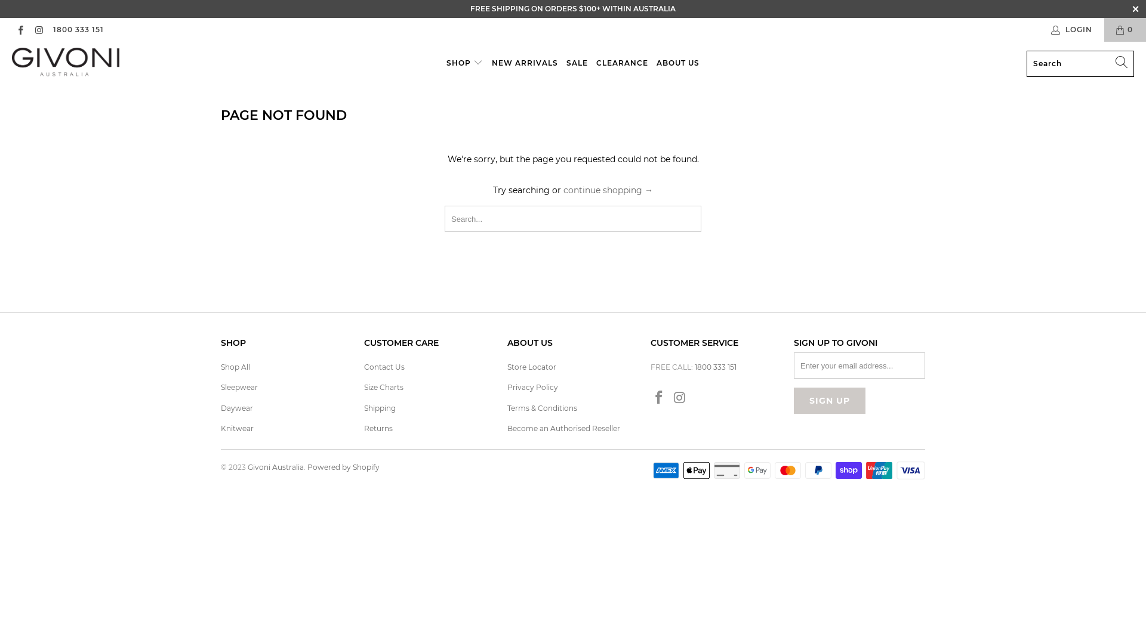 The height and width of the screenshot is (644, 1146). I want to click on 'Knitwear', so click(220, 428).